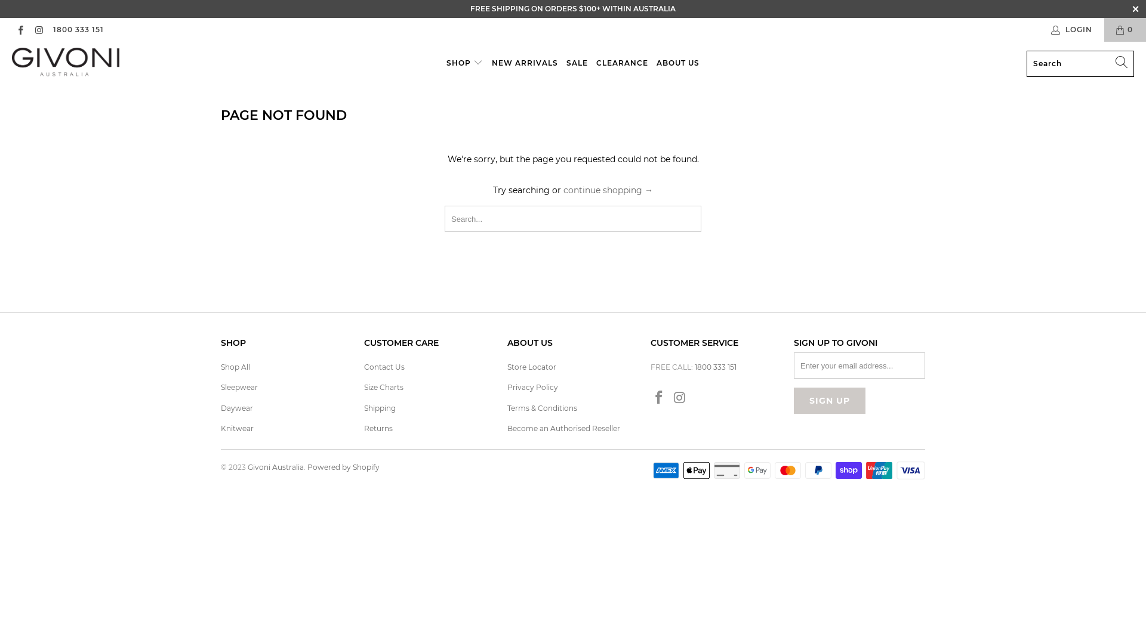 The height and width of the screenshot is (644, 1146). I want to click on 'Knitwear', so click(220, 428).